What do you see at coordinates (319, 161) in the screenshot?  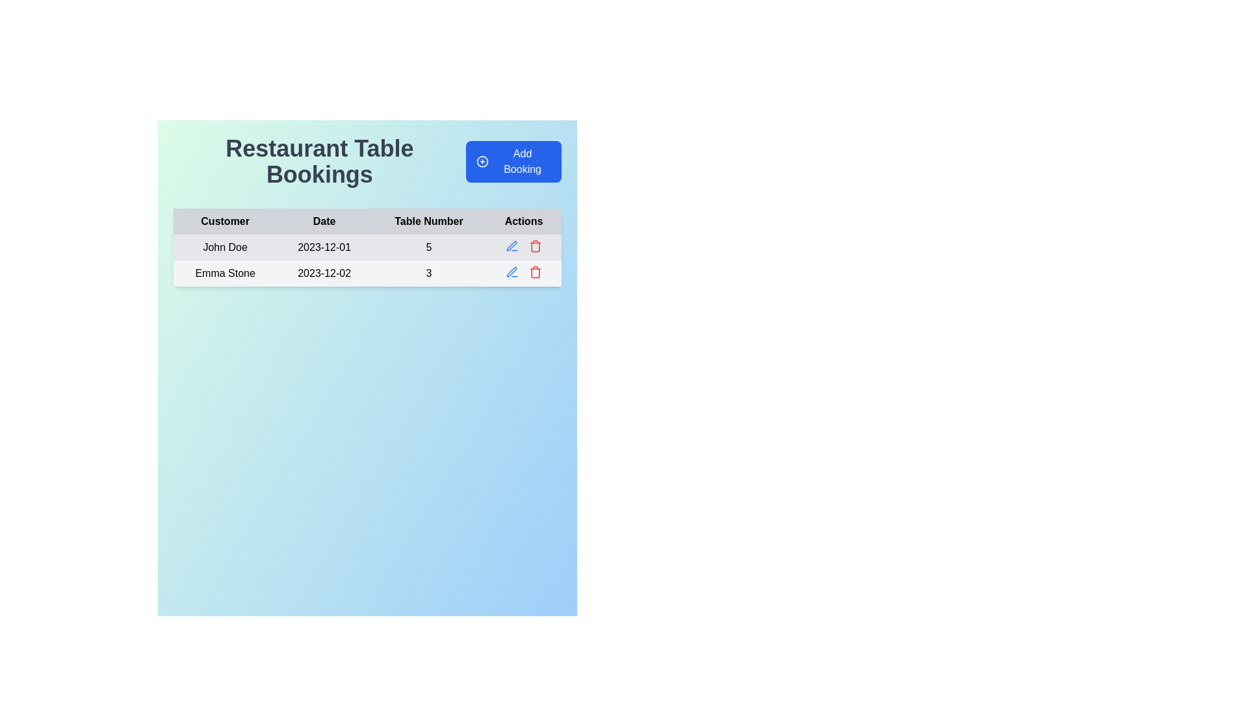 I see `bold header text labeled 'Restaurant Table Bookings' to understand the purpose of the page` at bounding box center [319, 161].